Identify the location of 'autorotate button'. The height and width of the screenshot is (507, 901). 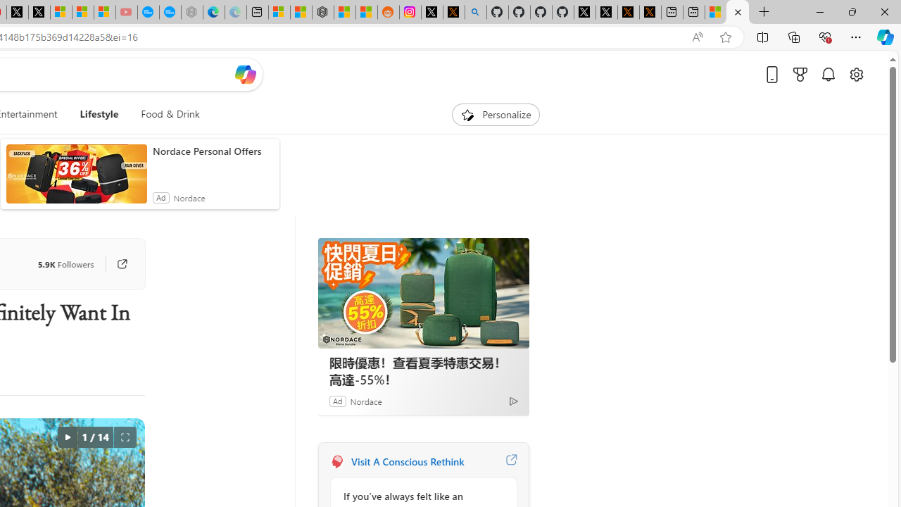
(66, 437).